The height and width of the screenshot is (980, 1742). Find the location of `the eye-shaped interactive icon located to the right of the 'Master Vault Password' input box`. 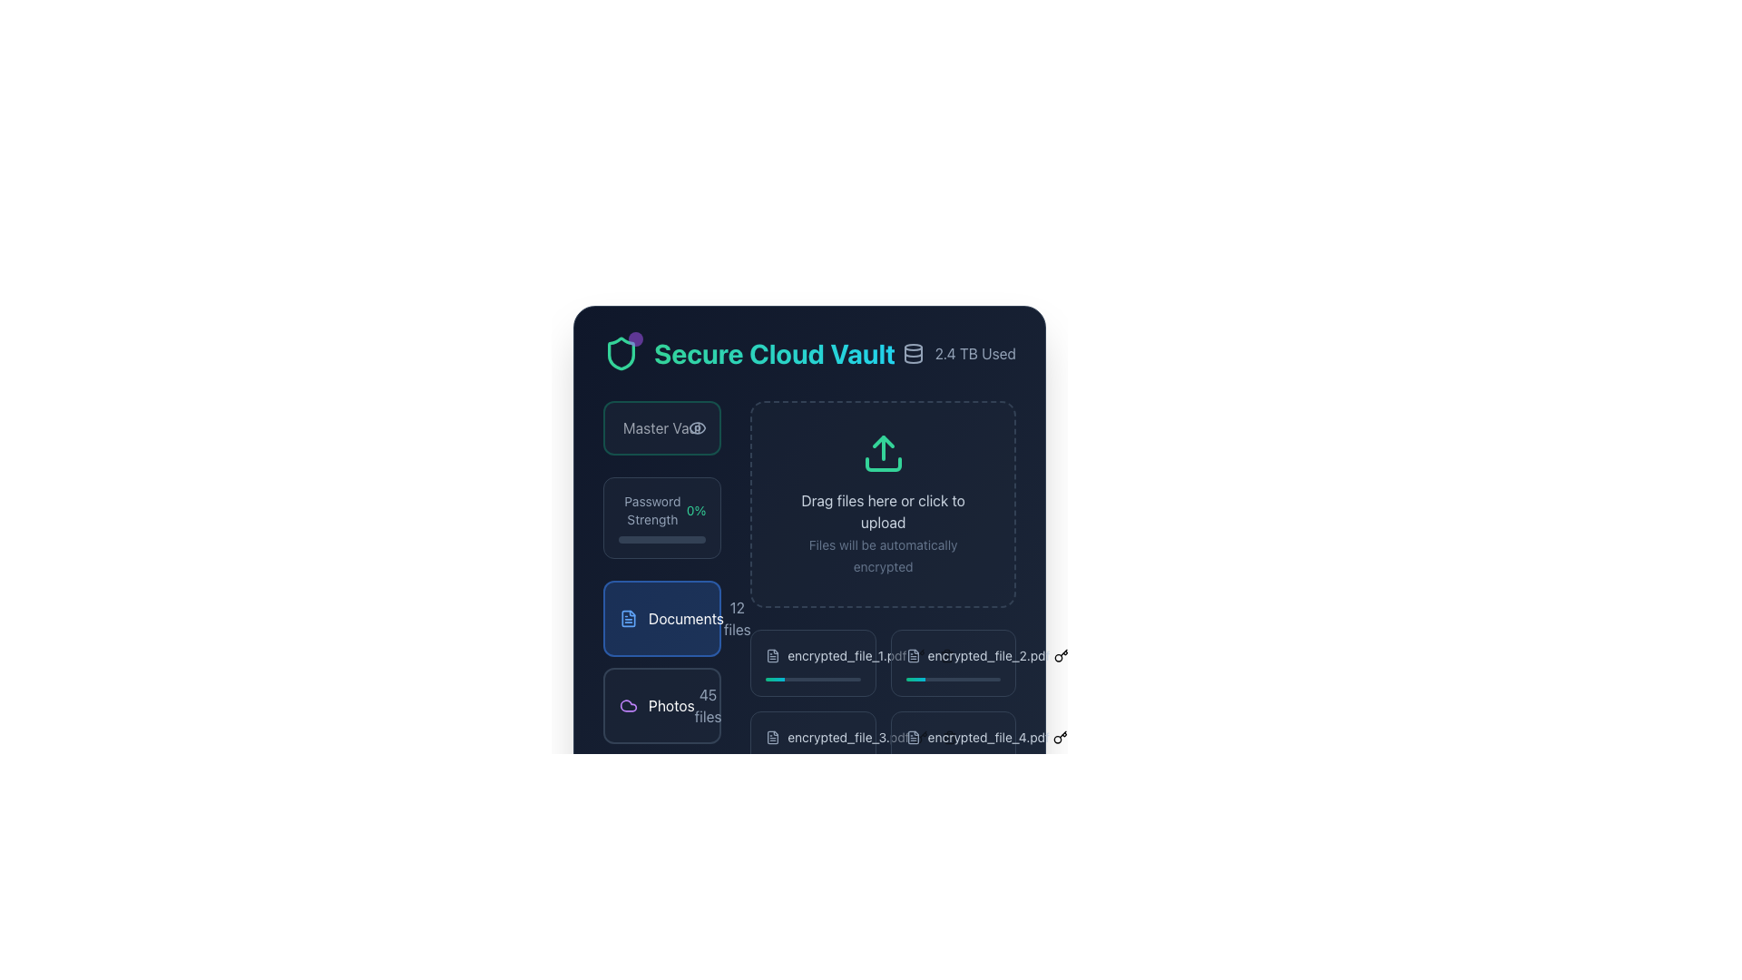

the eye-shaped interactive icon located to the right of the 'Master Vault Password' input box is located at coordinates (697, 427).